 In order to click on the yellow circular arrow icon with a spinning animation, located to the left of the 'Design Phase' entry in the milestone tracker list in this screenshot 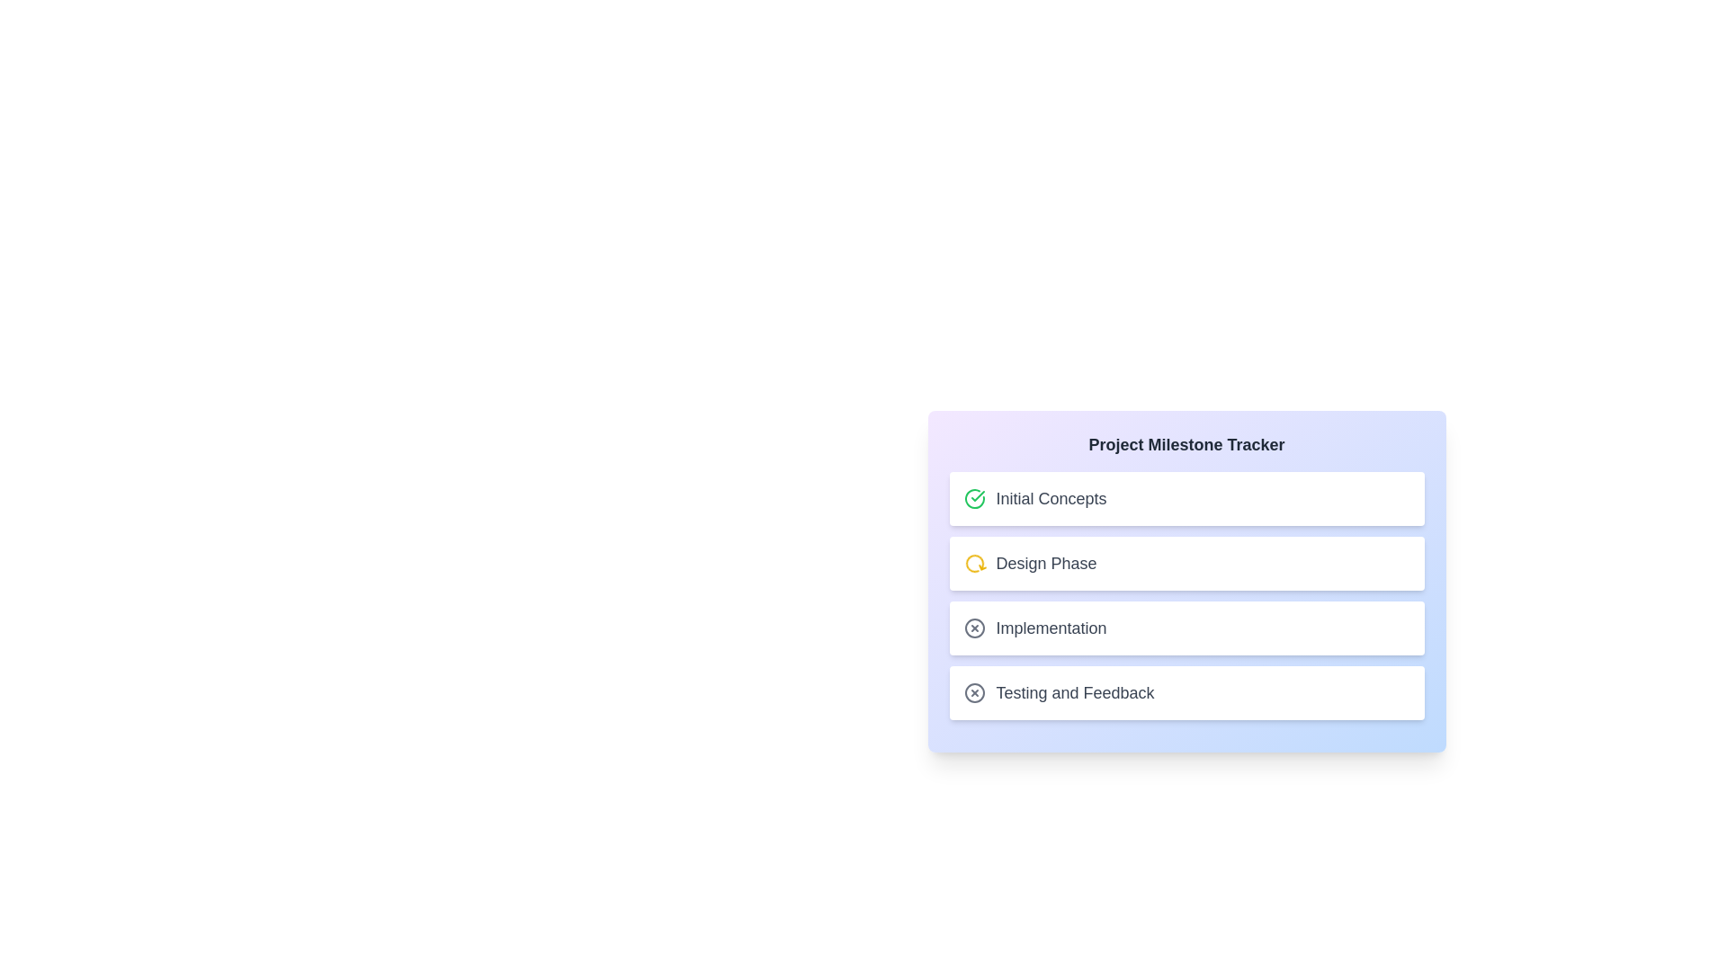, I will do `click(973, 563)`.